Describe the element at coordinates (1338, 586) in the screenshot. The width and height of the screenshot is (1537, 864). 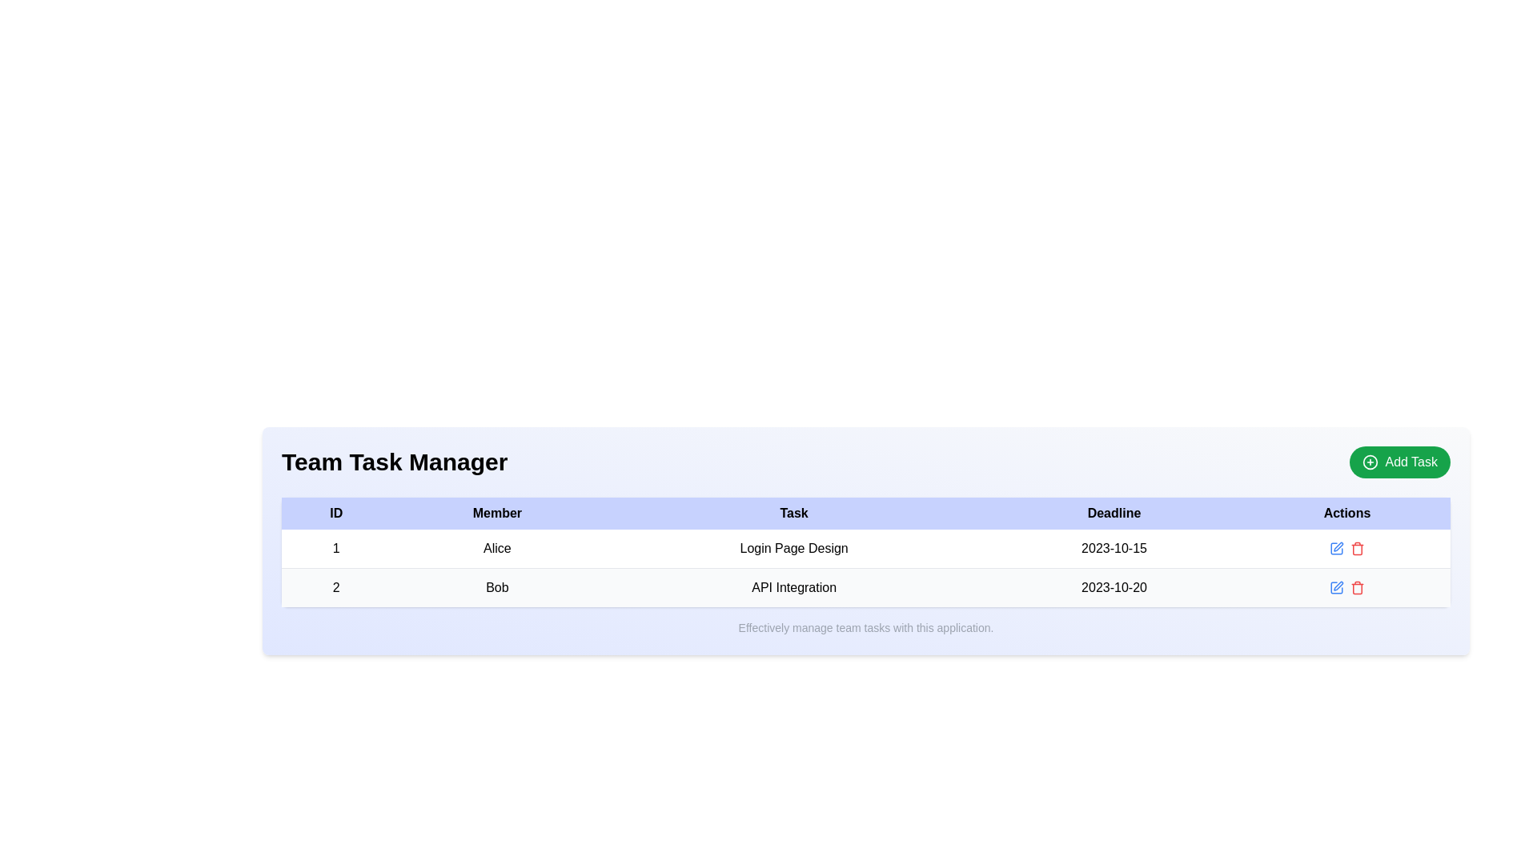
I see `the blue pen and paper icon button located in the 'Actions' column of the second row, associated with the task 'API Integration' and its deadline '2023-10-20'` at that location.